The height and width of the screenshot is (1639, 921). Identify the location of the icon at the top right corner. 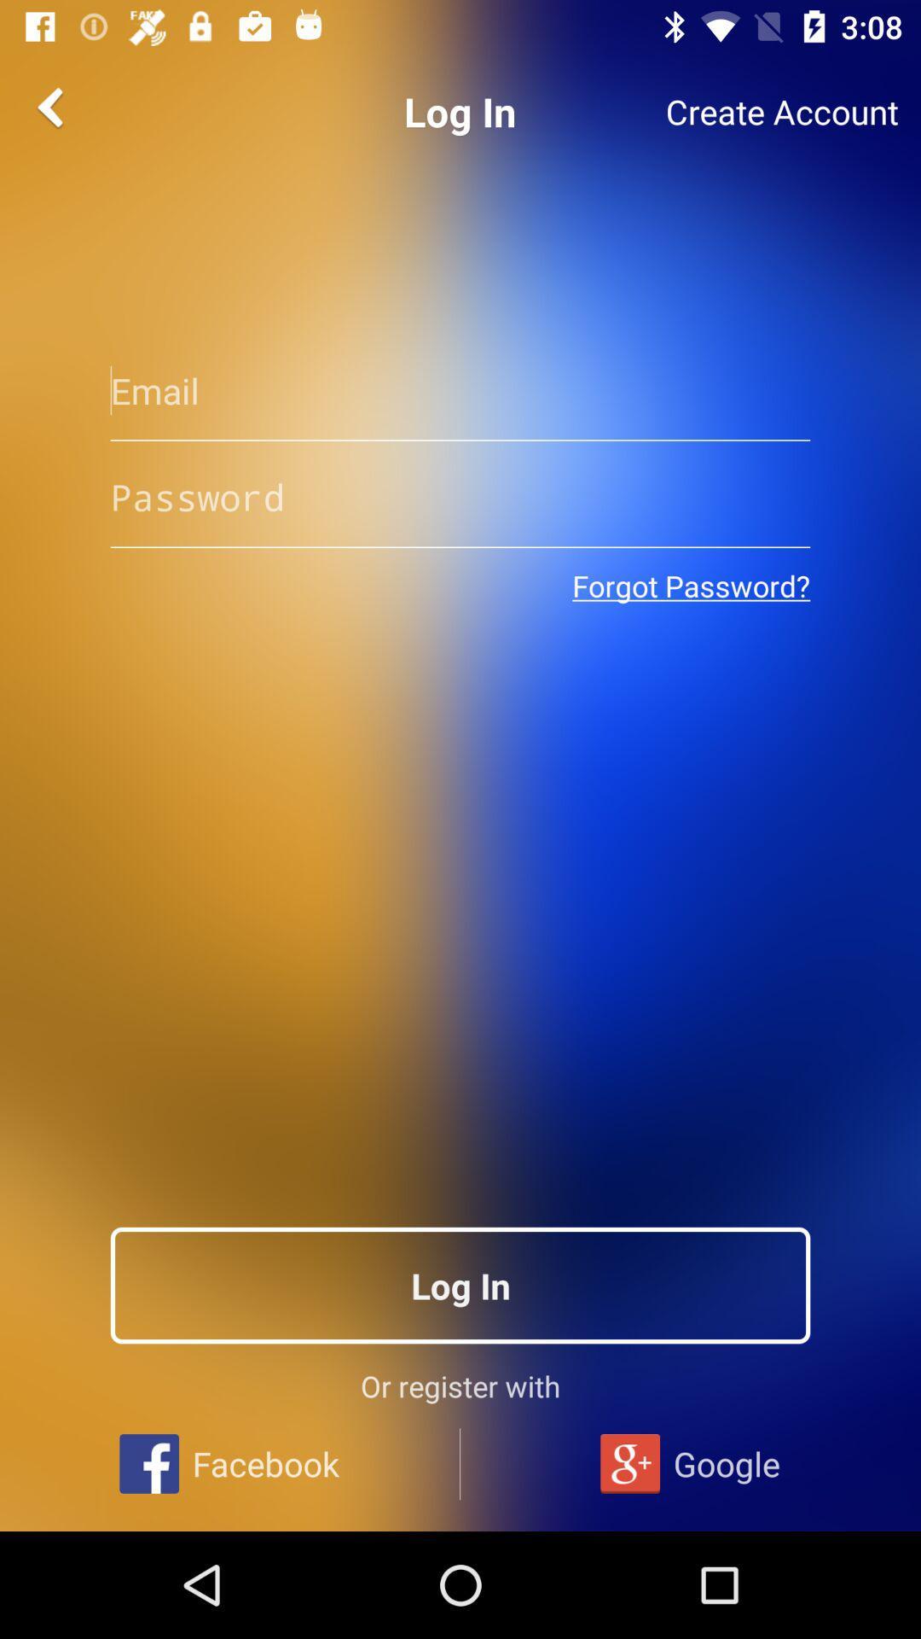
(782, 111).